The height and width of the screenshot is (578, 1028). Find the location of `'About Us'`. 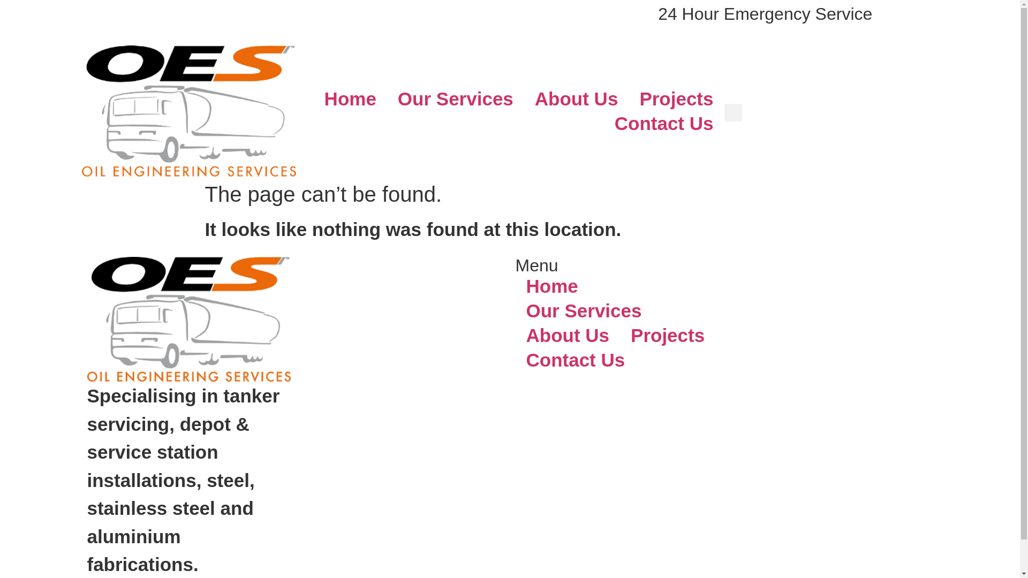

'About Us' is located at coordinates (567, 335).